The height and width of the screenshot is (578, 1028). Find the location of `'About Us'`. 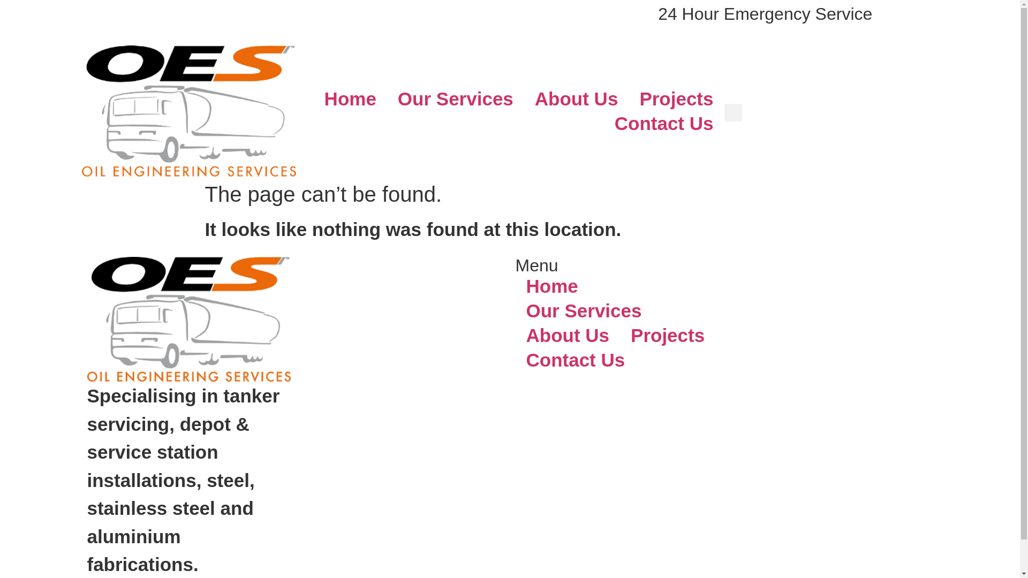

'About Us' is located at coordinates (567, 335).